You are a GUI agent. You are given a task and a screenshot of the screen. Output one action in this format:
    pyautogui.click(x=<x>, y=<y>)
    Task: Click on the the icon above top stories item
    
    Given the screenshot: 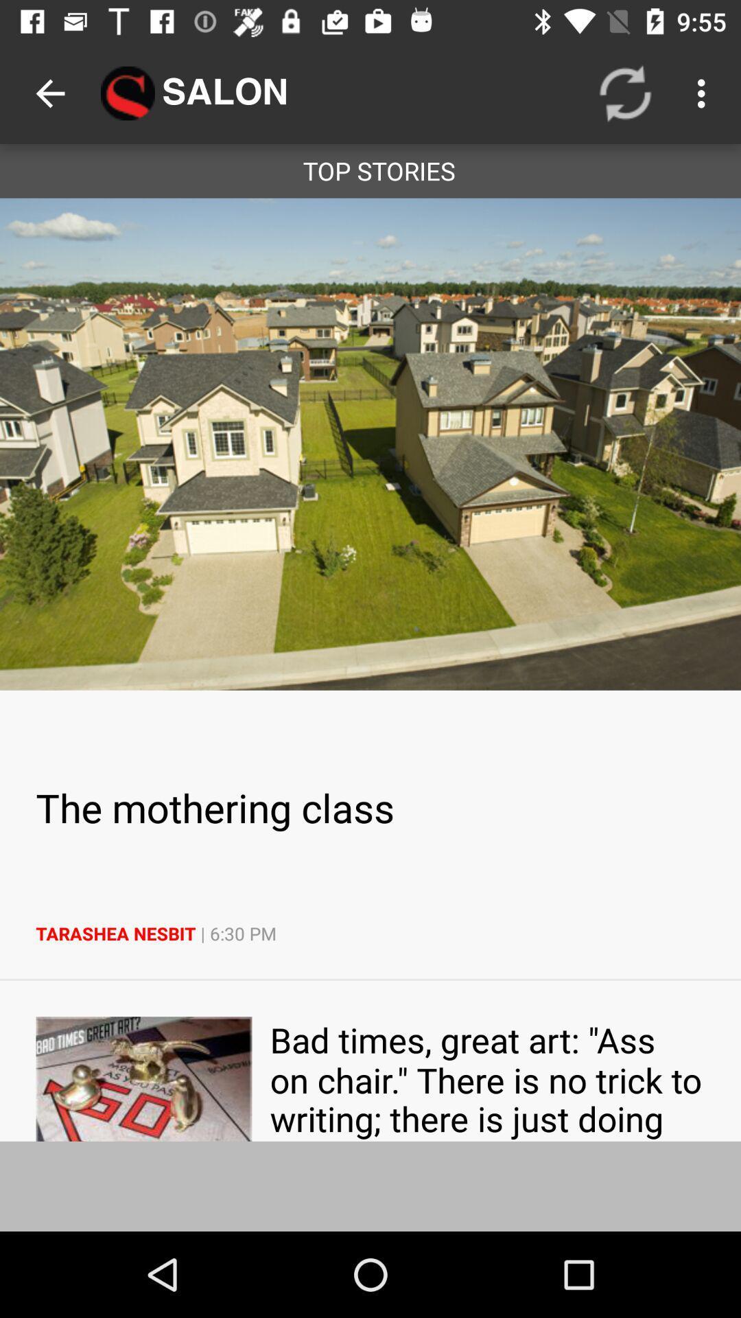 What is the action you would take?
    pyautogui.click(x=625, y=93)
    